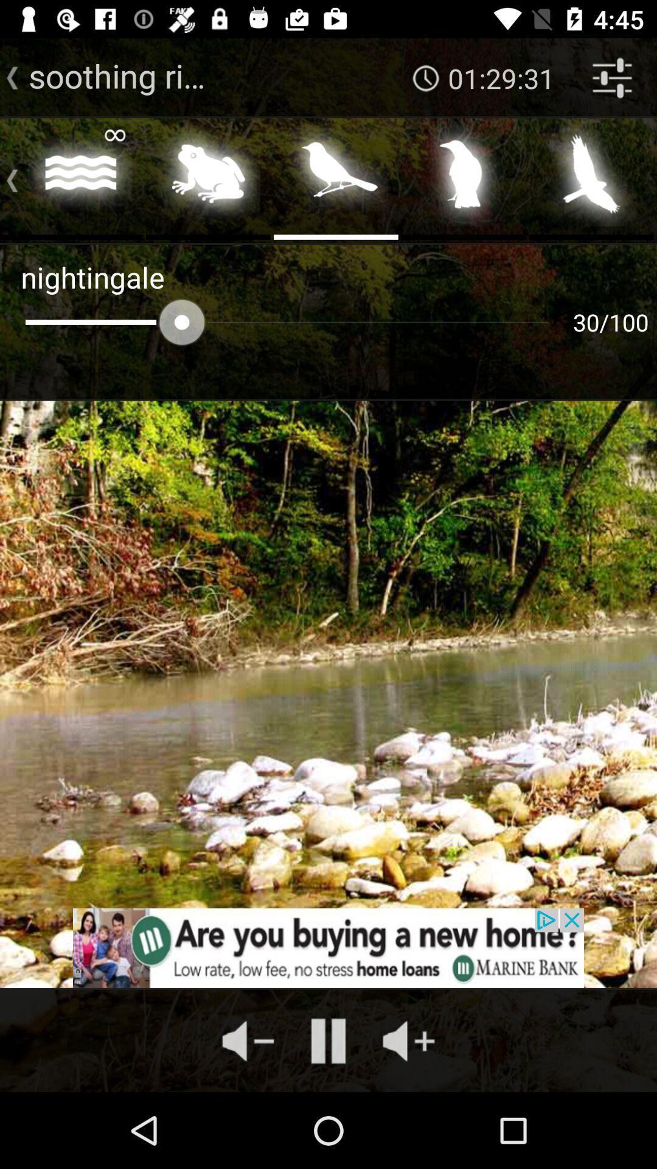  What do you see at coordinates (328, 947) in the screenshot?
I see `launch advertisement` at bounding box center [328, 947].